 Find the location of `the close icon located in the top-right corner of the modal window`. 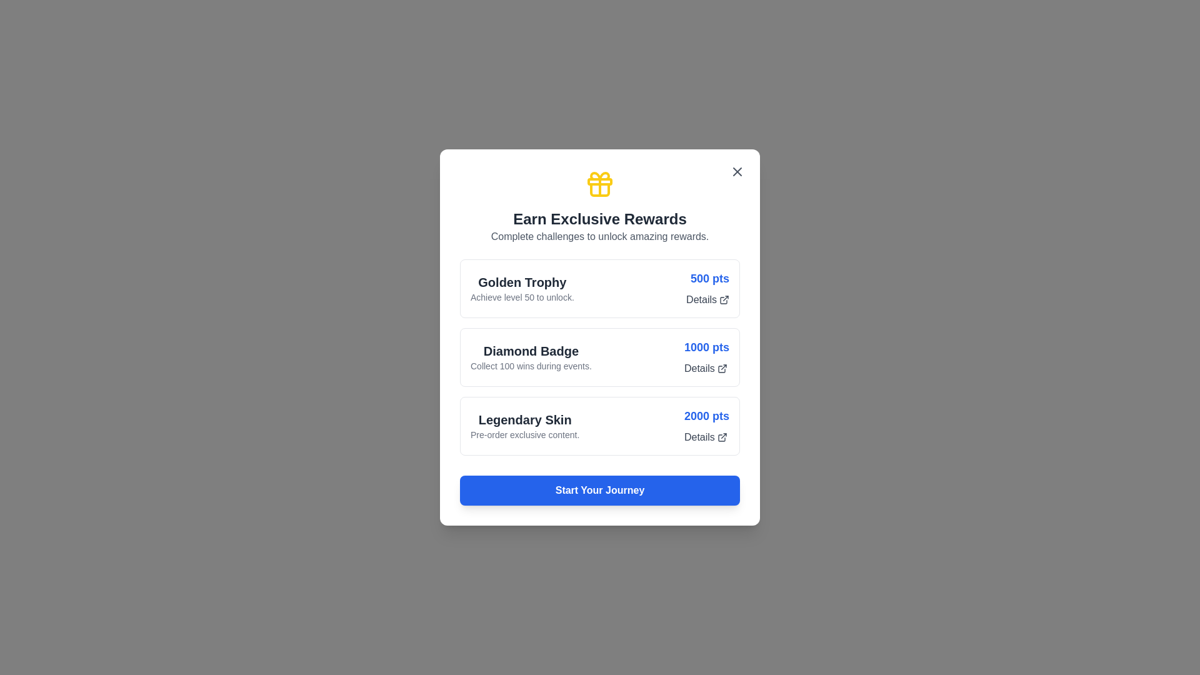

the close icon located in the top-right corner of the modal window is located at coordinates (737, 171).